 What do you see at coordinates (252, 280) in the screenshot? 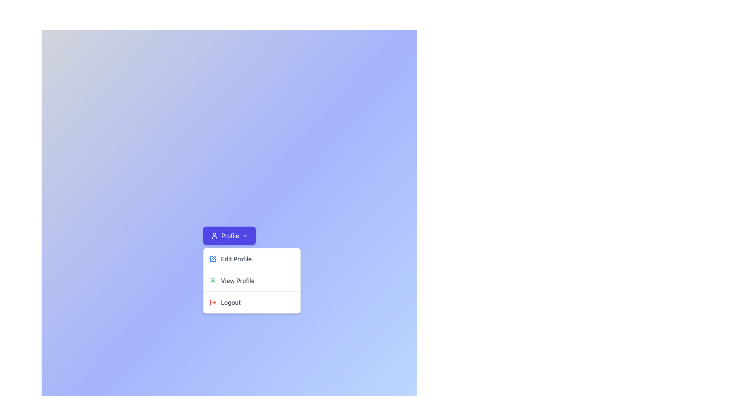
I see `the second list item labeled 'View Profile' under the 'Profile' menu` at bounding box center [252, 280].